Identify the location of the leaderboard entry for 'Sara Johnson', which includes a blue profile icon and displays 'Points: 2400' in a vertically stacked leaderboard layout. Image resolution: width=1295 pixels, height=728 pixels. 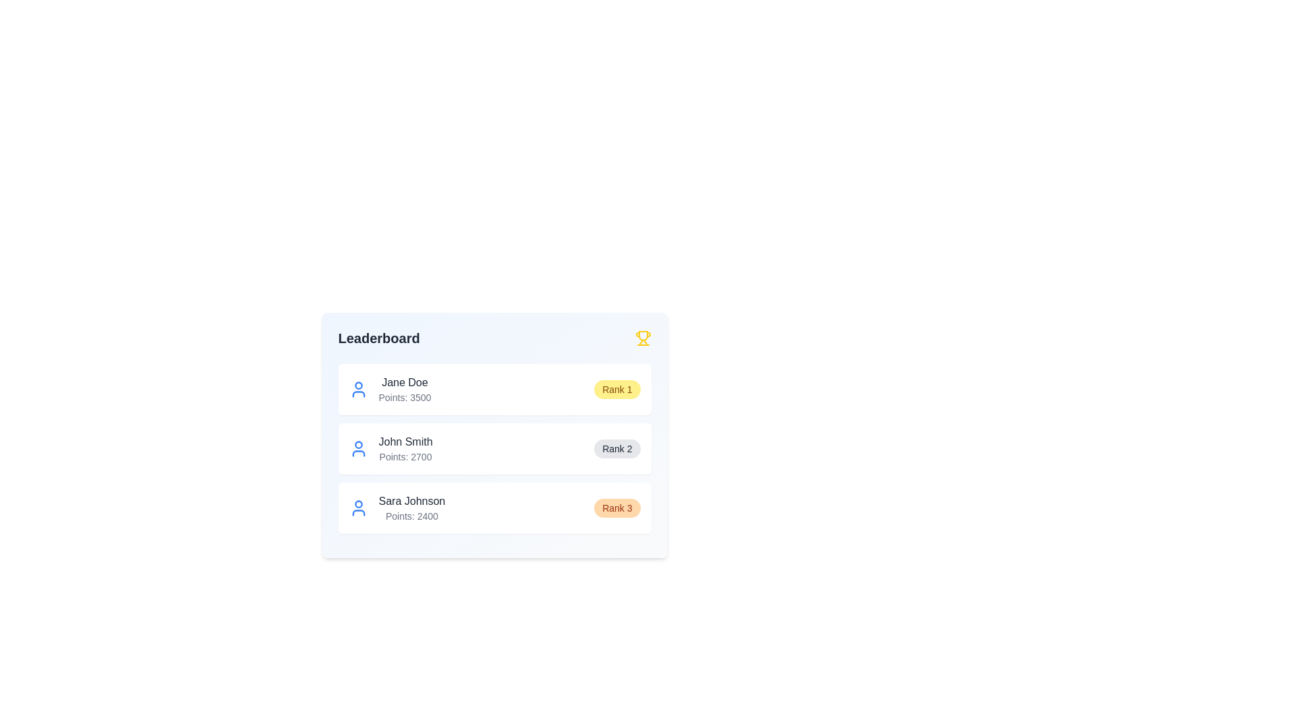
(396, 508).